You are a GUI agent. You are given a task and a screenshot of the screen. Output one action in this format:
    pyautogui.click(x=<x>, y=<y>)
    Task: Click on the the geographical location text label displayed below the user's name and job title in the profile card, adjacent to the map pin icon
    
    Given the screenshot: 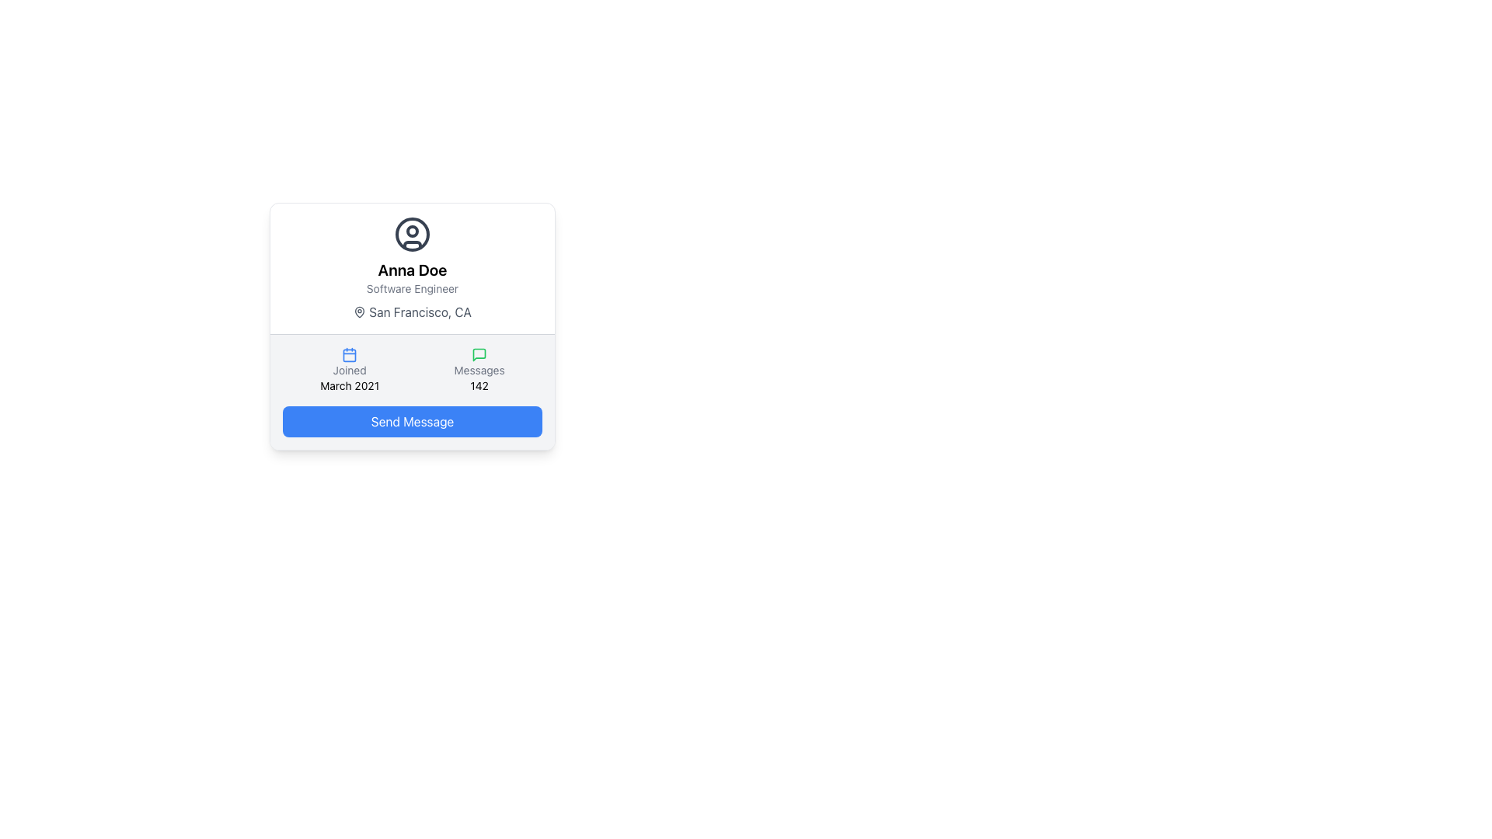 What is the action you would take?
    pyautogui.click(x=420, y=312)
    